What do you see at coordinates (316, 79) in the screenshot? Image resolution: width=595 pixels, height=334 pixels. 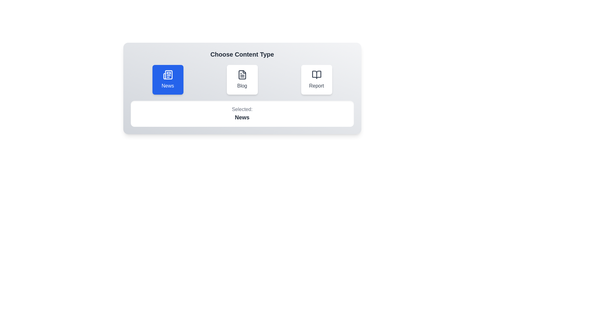 I see `the Report button to observe its hover effect` at bounding box center [316, 79].